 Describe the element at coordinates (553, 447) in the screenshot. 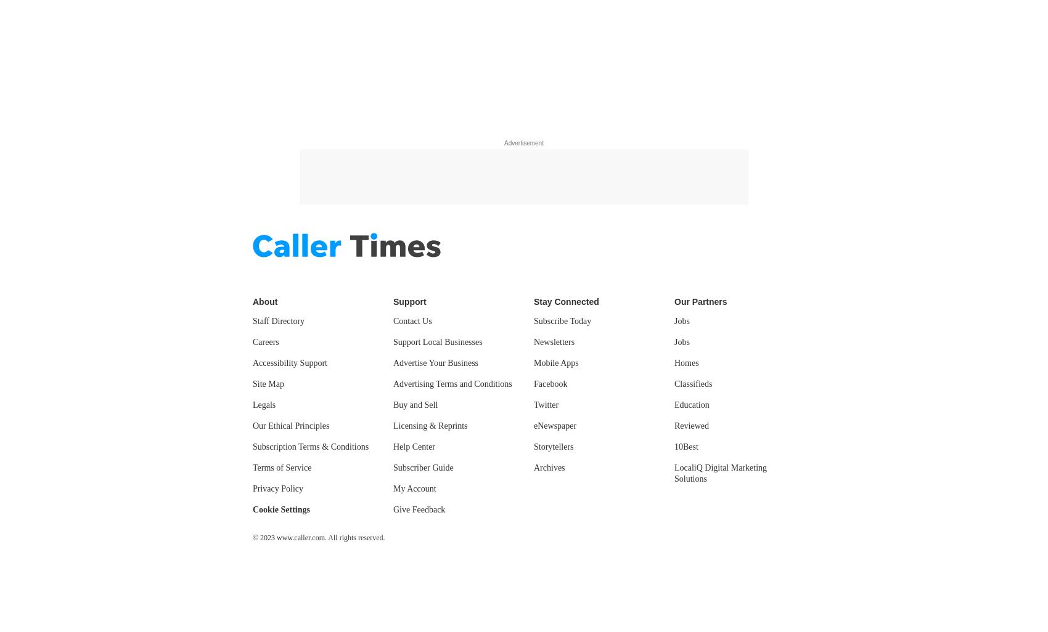

I see `'Storytellers'` at that location.